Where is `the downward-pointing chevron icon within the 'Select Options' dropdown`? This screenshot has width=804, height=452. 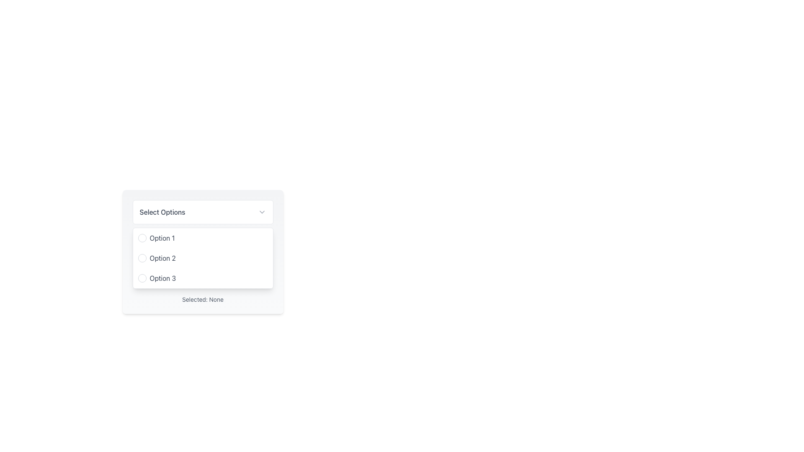
the downward-pointing chevron icon within the 'Select Options' dropdown is located at coordinates (261, 211).